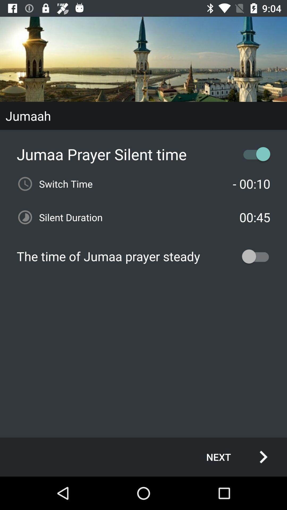 The height and width of the screenshot is (510, 287). I want to click on button at the bottom right corner, so click(231, 457).